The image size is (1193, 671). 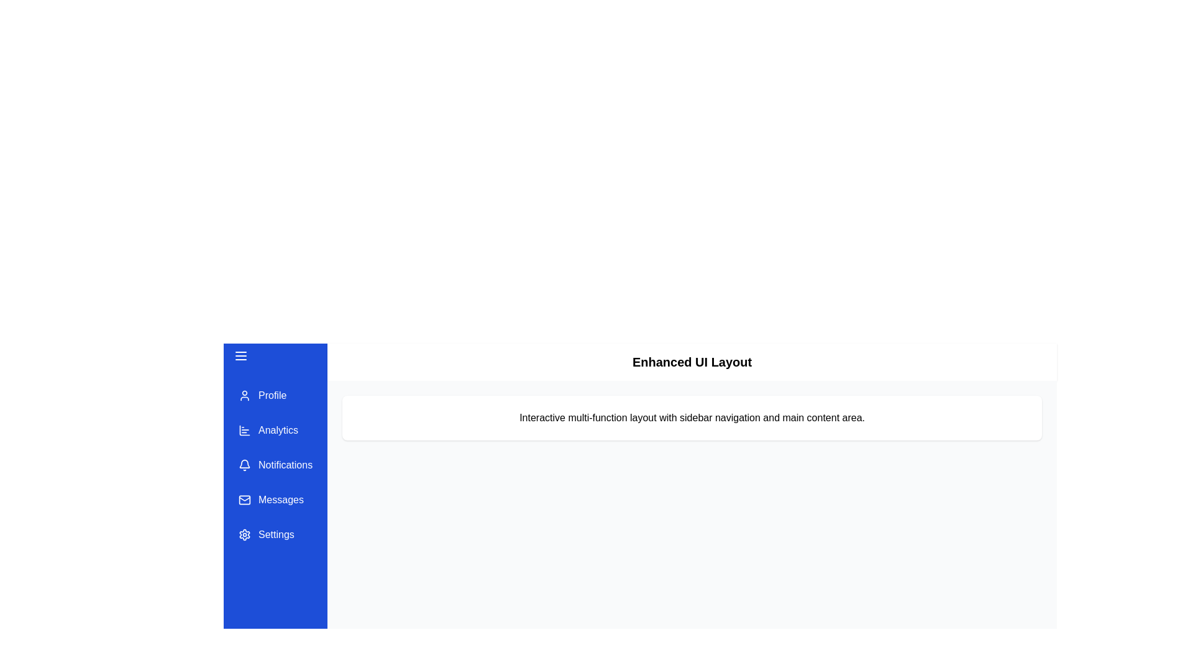 What do you see at coordinates (244, 430) in the screenshot?
I see `the Bar Chart Illustration icon located in the sidebar next to the 'Analytics' label by moving the cursor to its center point` at bounding box center [244, 430].